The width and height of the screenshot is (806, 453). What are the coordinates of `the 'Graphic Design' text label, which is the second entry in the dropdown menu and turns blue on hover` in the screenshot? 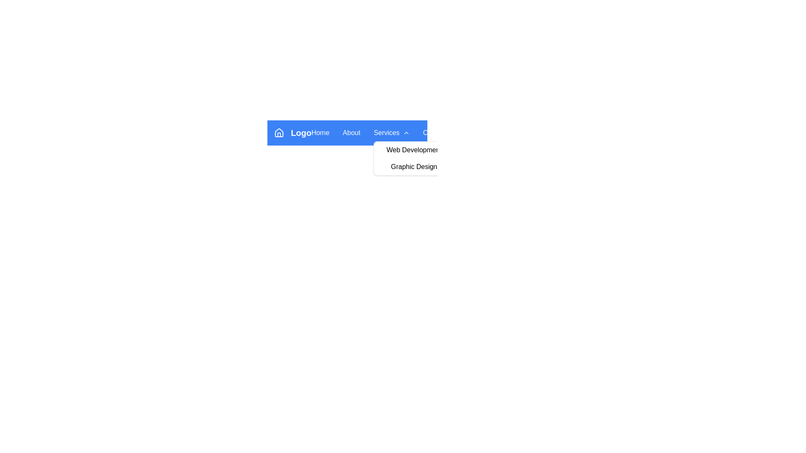 It's located at (414, 167).